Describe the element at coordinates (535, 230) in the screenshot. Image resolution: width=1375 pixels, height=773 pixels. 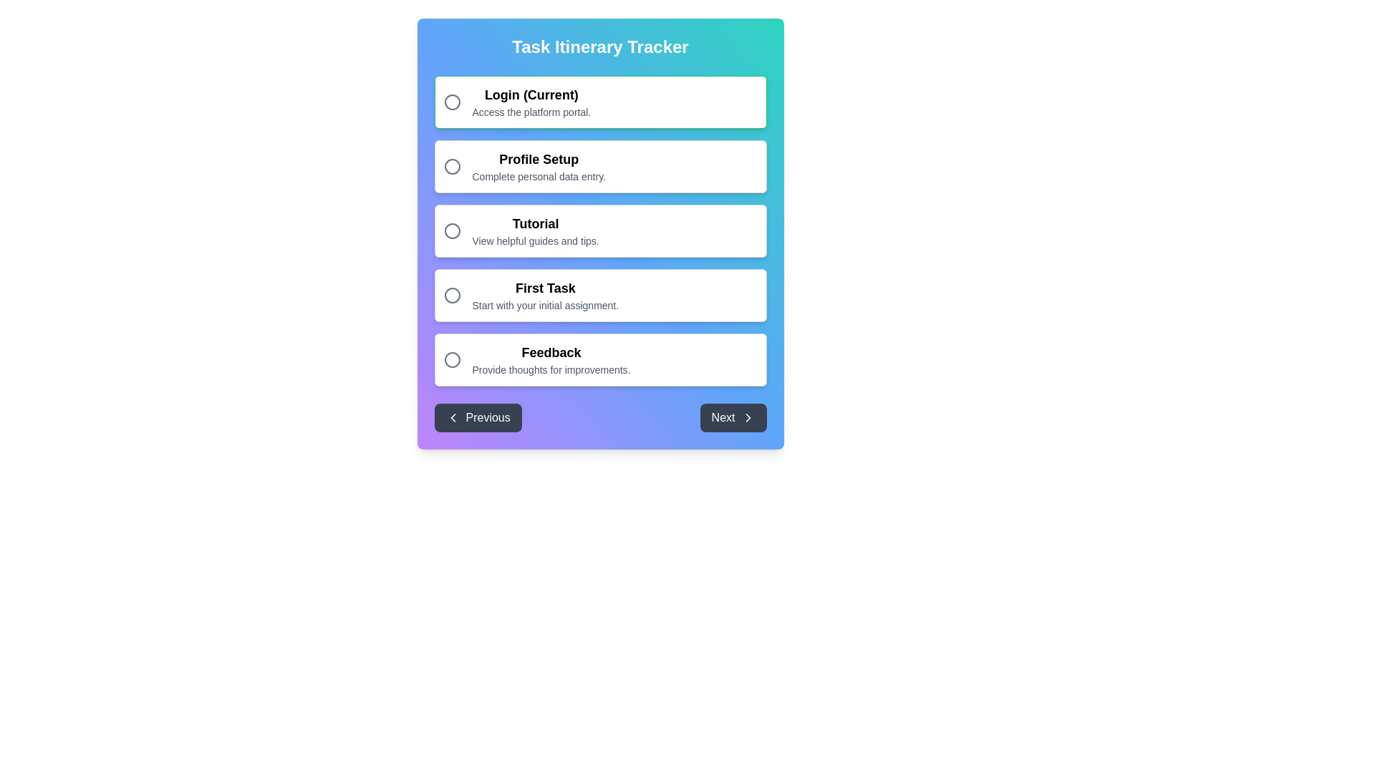
I see `the informational label titled 'Tutorial' that provides a brief description for guidance-related content, positioned centrally in the third row under the 'Task Itinerary Tracker'` at that location.